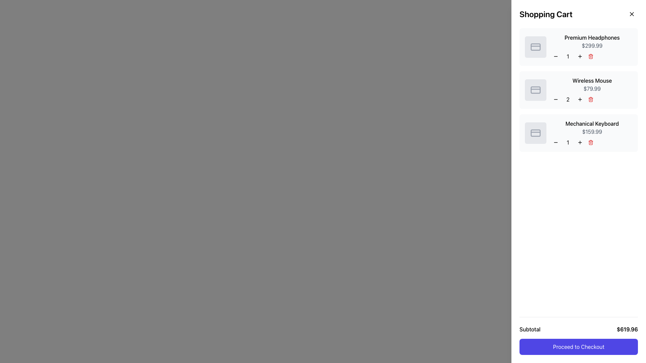 Image resolution: width=646 pixels, height=363 pixels. I want to click on the price display showing '$619.96', which is bold and aligned to the right at the bottom of the shopping cart interface, so click(627, 329).